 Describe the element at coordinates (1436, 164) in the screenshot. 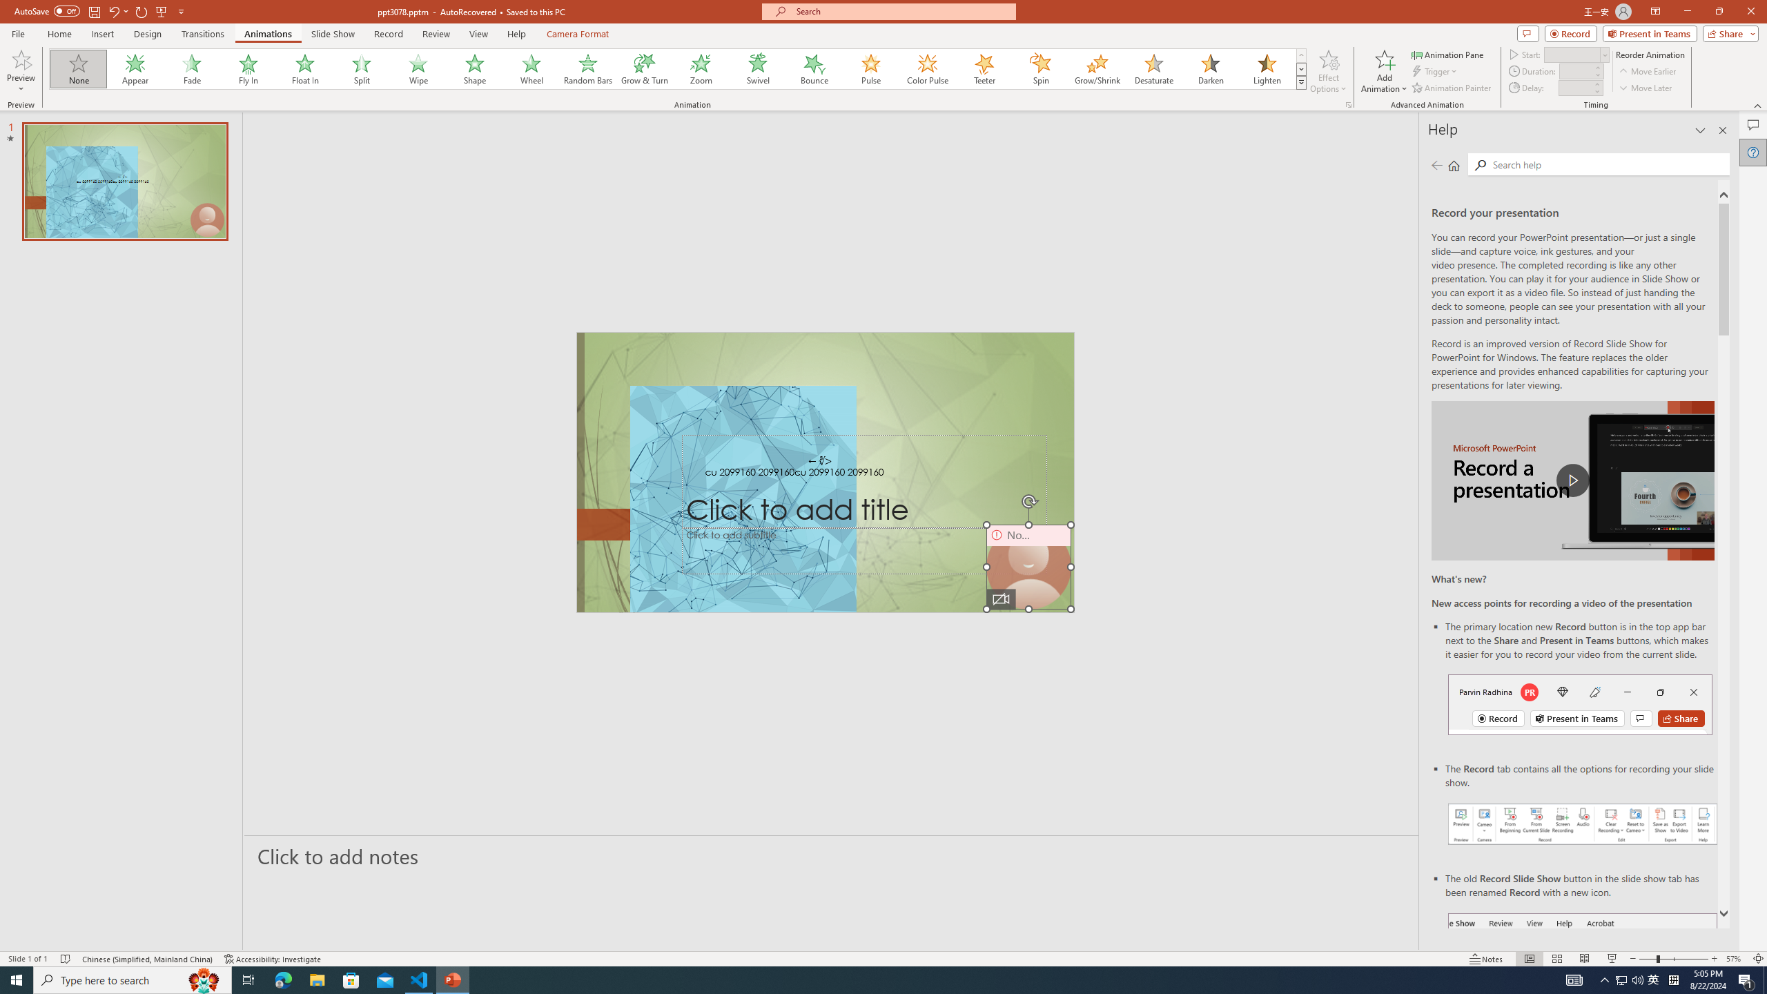

I see `'Previous page'` at that location.